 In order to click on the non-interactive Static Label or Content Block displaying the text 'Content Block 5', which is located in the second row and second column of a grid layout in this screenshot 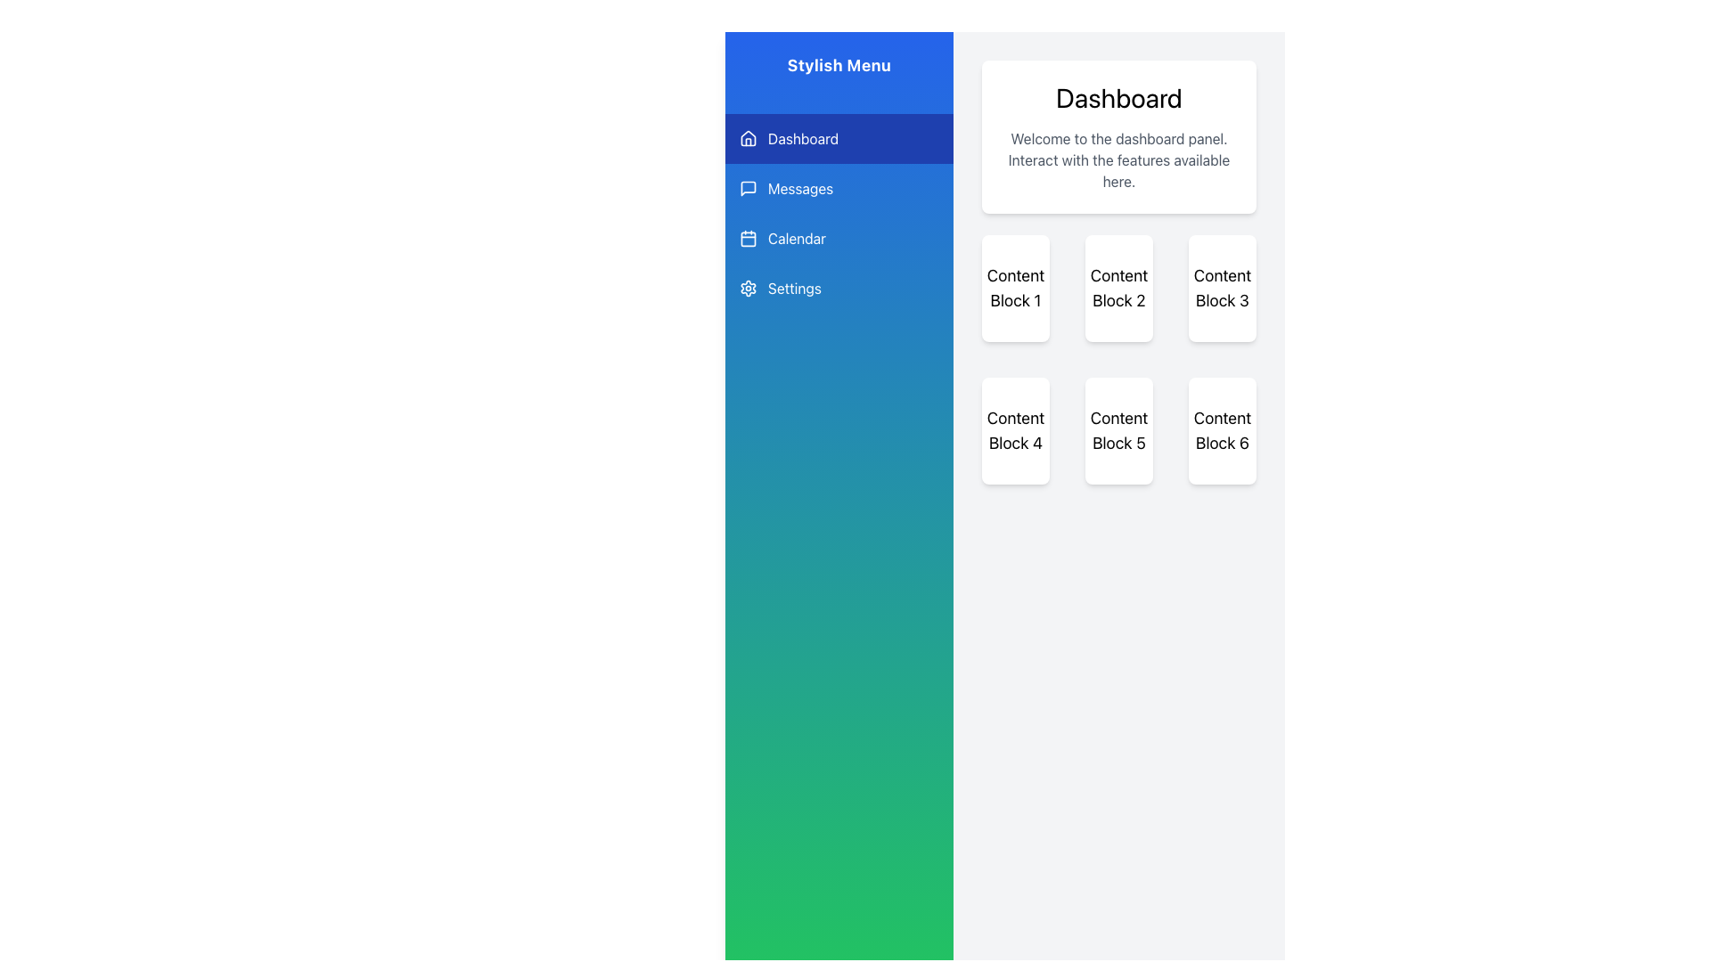, I will do `click(1118, 430)`.